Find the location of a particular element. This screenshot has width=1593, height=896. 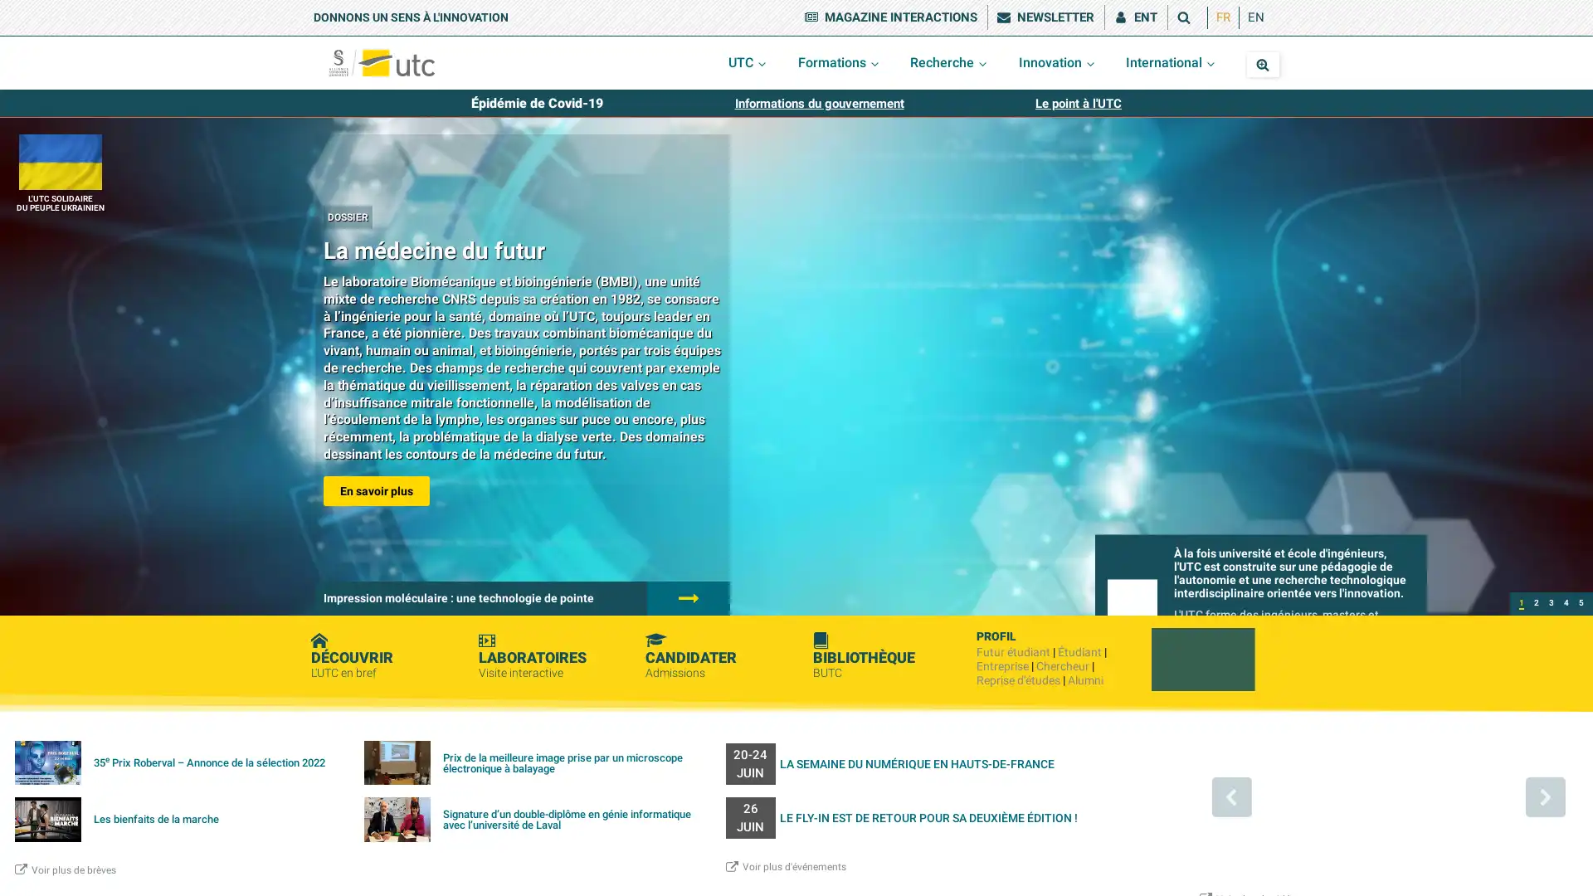

Diapositive precedente is located at coordinates (1230, 796).